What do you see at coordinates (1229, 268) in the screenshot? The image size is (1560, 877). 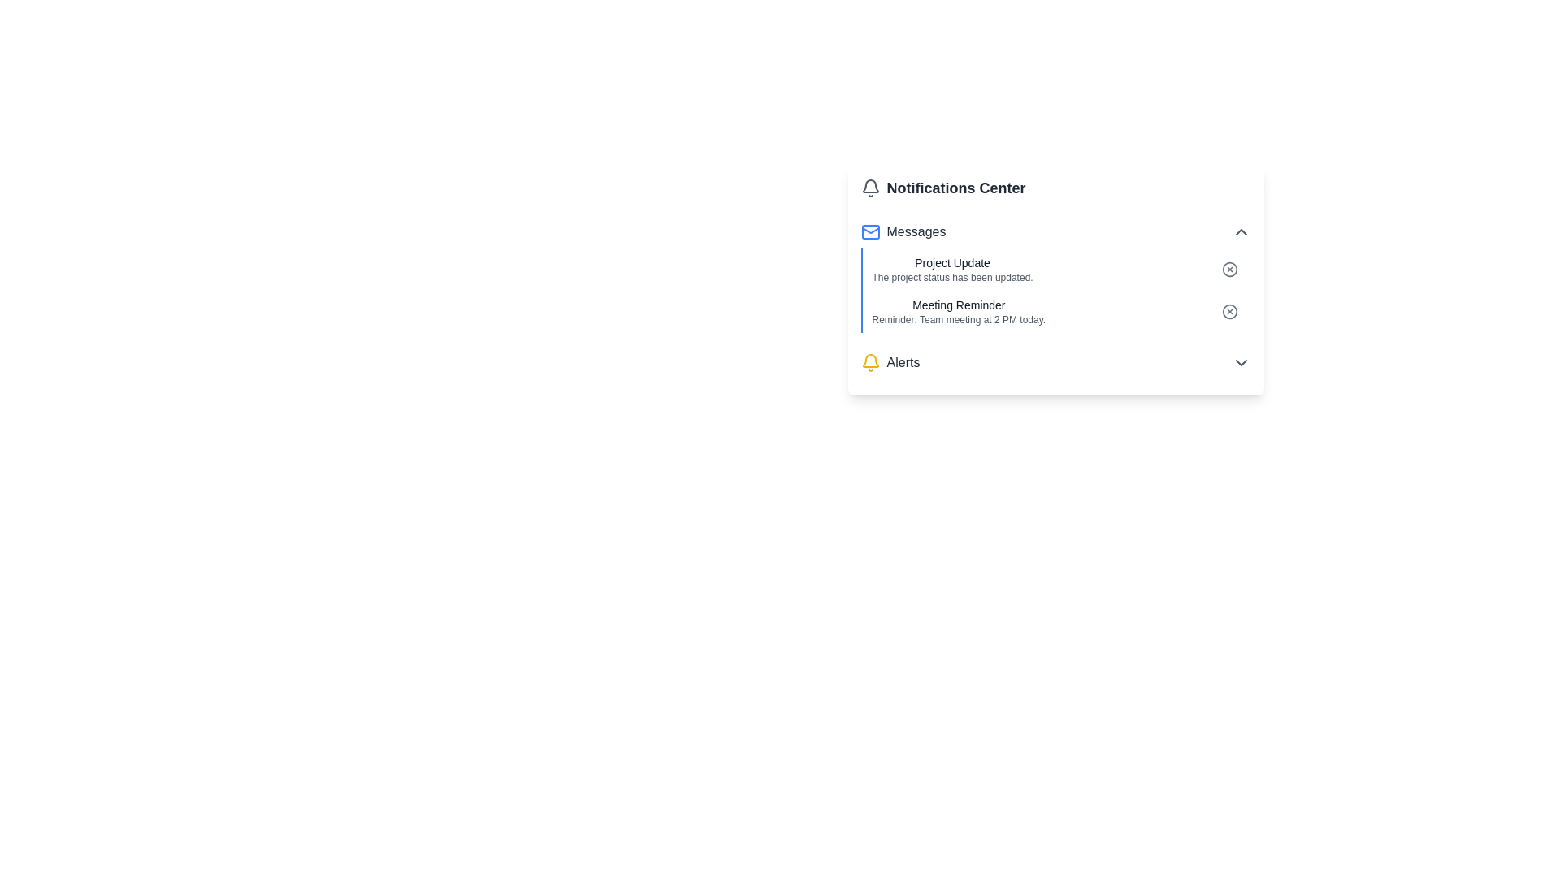 I see `the SVG circle element that represents a circular cancel or close action in the 'Messages' column of the notification widget` at bounding box center [1229, 268].